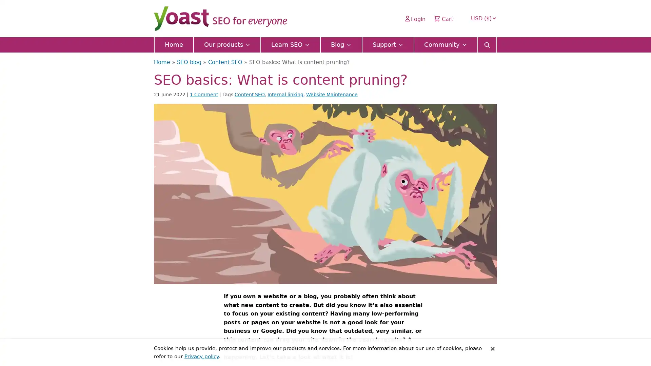 The height and width of the screenshot is (366, 651). Describe the element at coordinates (487, 43) in the screenshot. I see `Open search box` at that location.